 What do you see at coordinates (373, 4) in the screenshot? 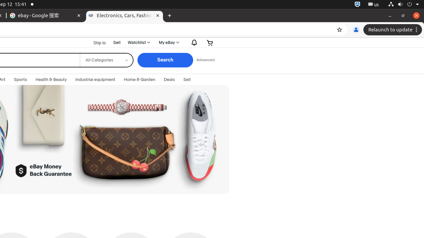
I see `':1.21/StatusNotifierItem'` at bounding box center [373, 4].